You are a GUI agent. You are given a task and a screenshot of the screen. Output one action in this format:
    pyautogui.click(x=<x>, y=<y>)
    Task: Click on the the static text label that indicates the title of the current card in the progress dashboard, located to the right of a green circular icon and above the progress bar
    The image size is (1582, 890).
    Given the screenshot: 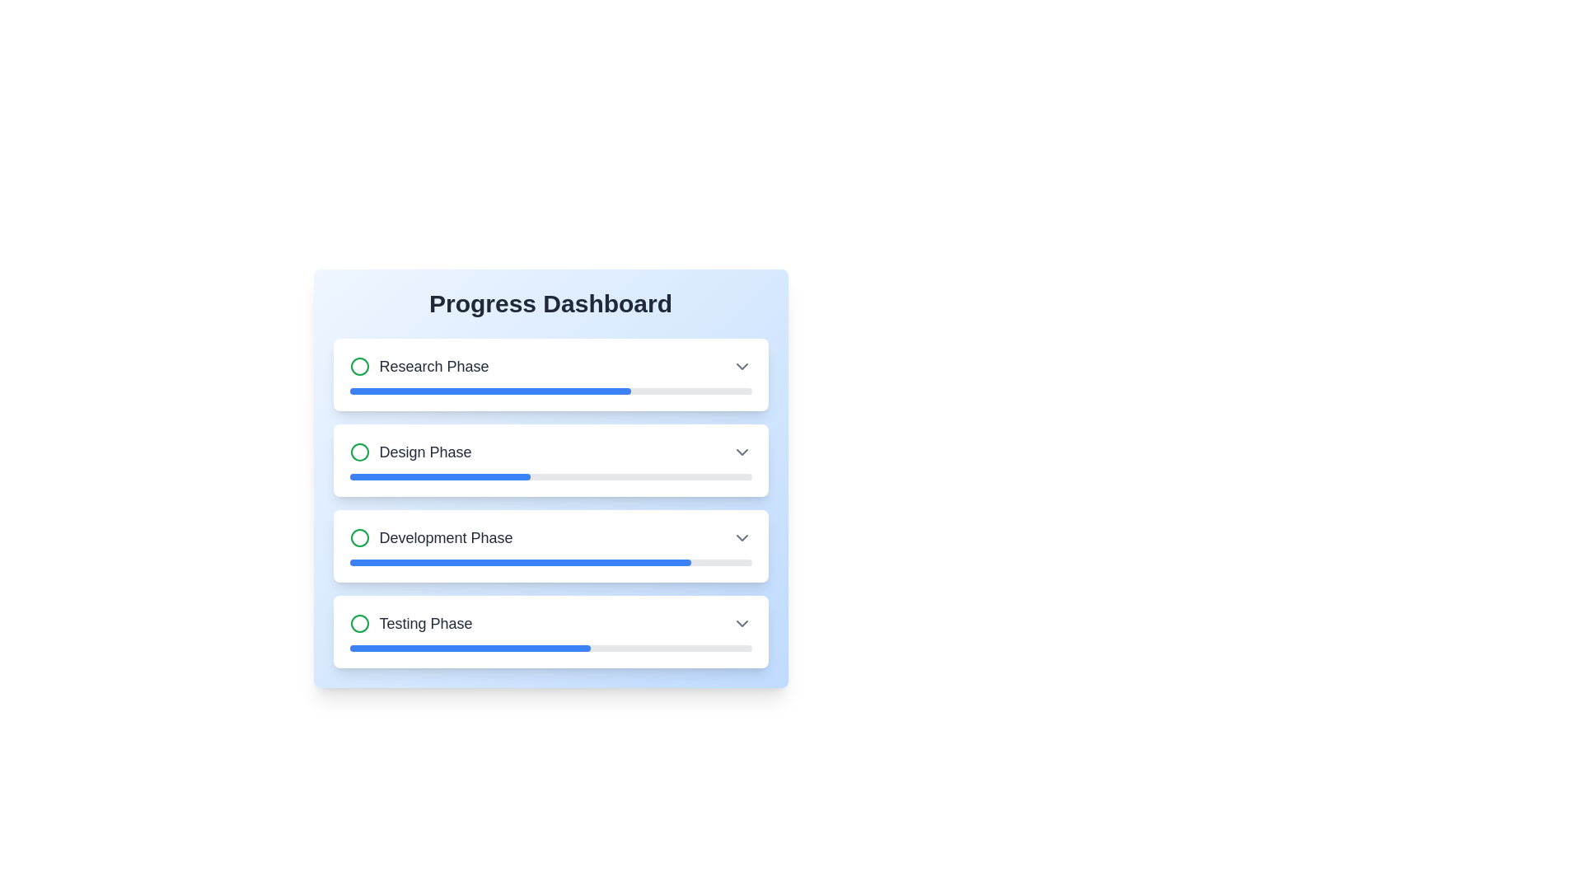 What is the action you would take?
    pyautogui.click(x=434, y=365)
    